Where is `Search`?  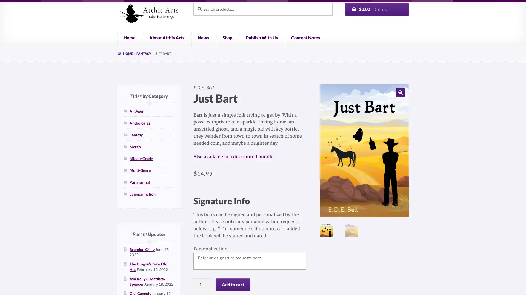 Search is located at coordinates (193, 2).